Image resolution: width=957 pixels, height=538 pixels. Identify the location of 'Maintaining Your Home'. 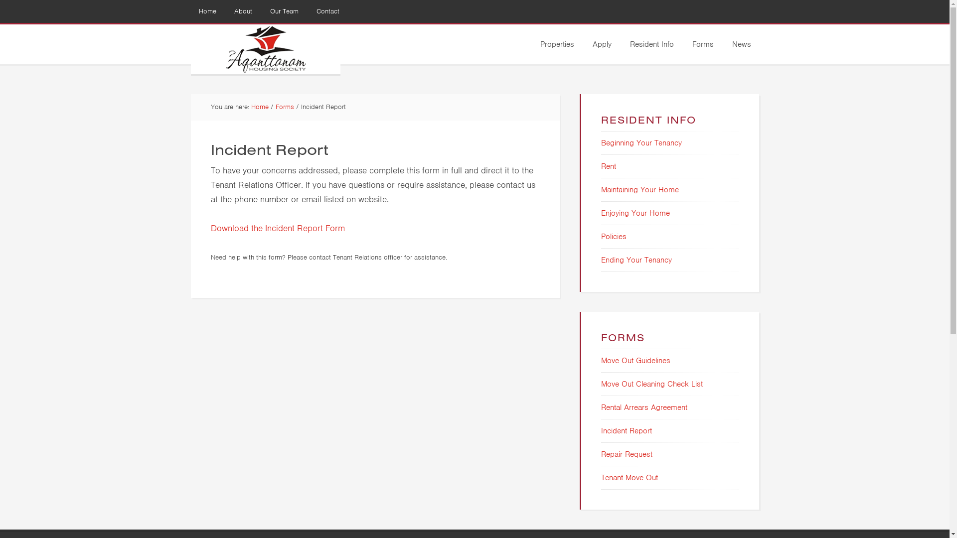
(600, 190).